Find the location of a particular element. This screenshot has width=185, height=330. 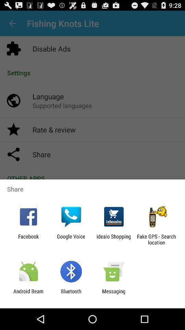

the app to the right of the facebook app is located at coordinates (71, 239).